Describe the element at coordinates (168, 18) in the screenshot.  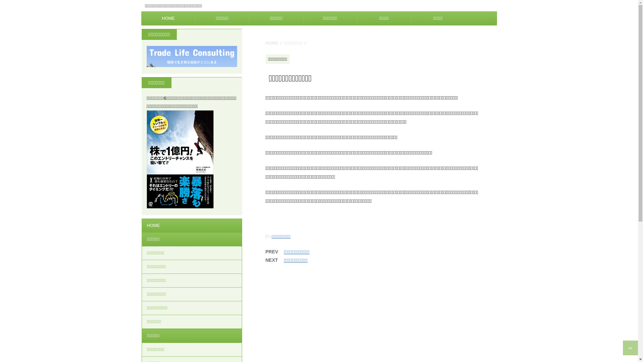
I see `'HOME'` at that location.